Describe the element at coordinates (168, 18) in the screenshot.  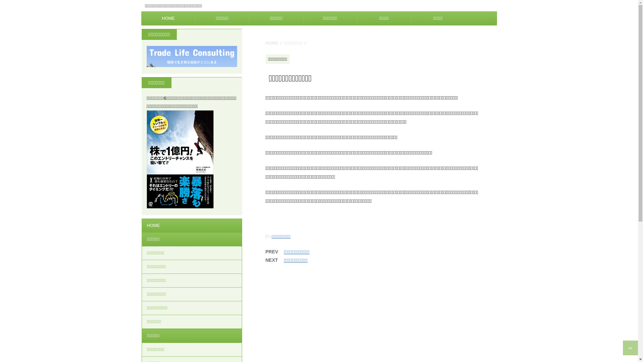
I see `'HOME'` at that location.